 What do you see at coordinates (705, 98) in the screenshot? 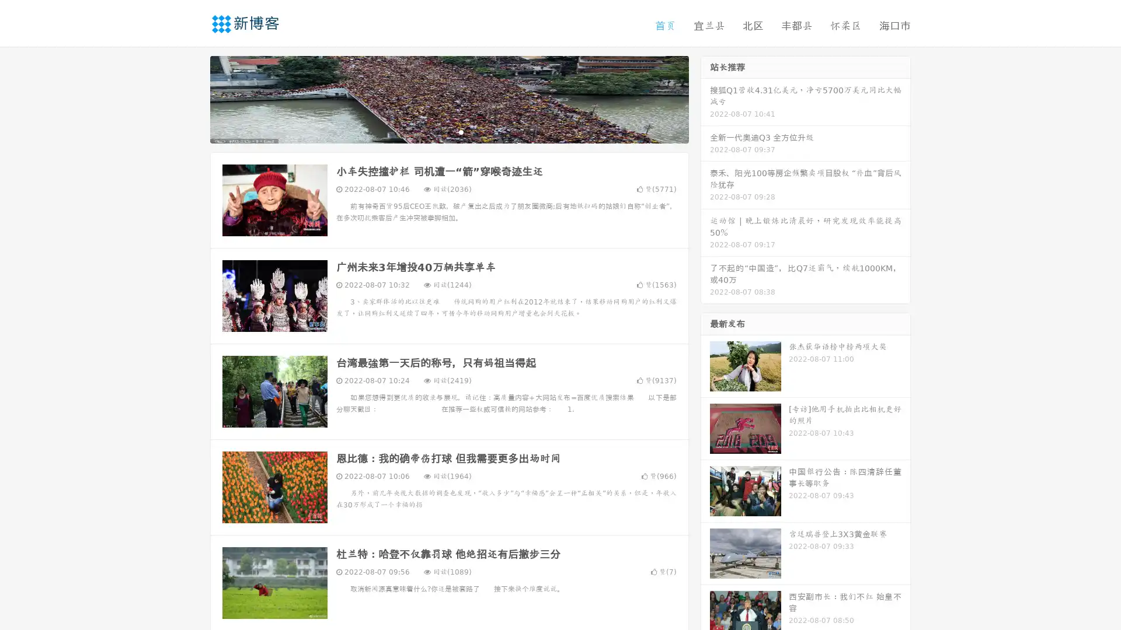
I see `Next slide` at bounding box center [705, 98].